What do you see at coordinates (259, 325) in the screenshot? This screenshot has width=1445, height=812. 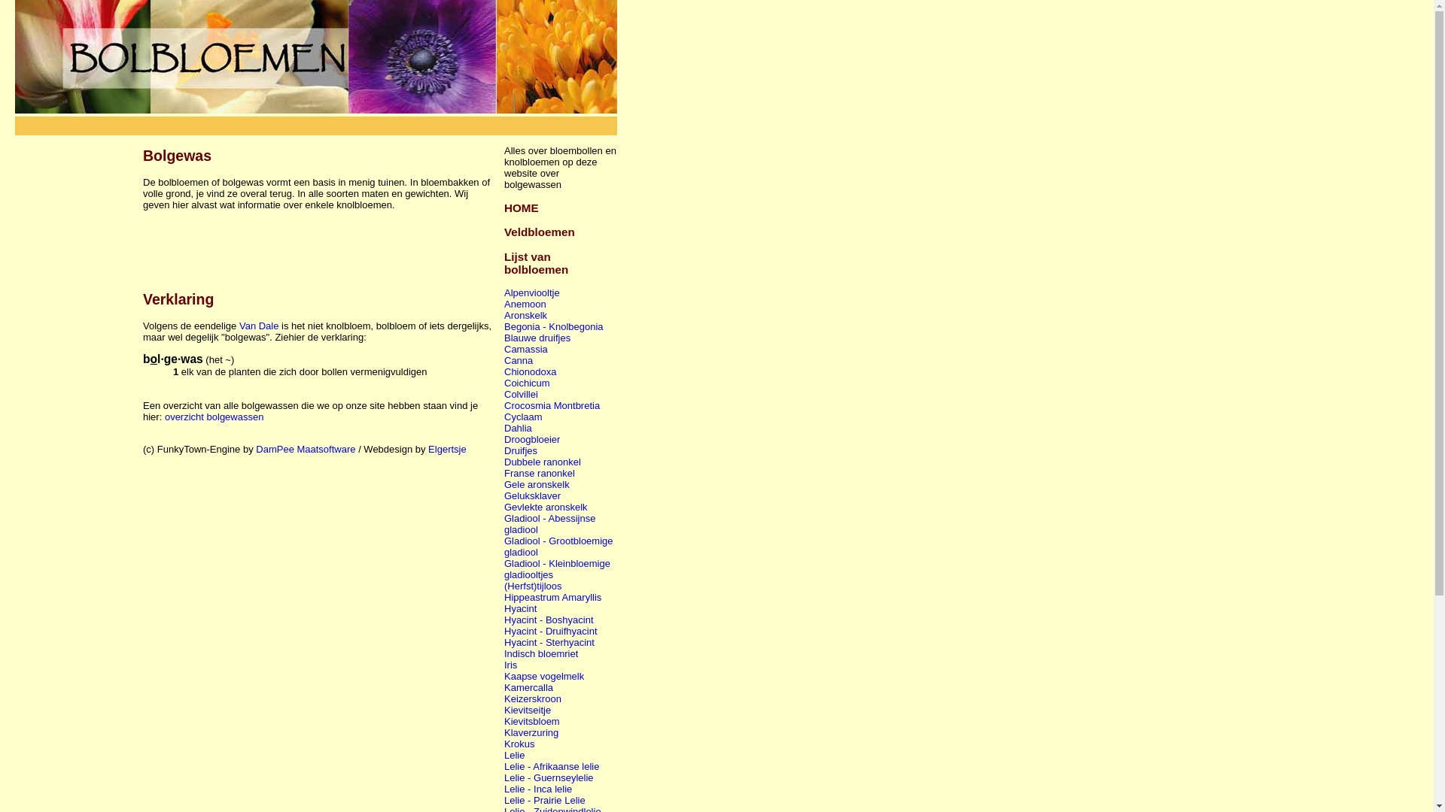 I see `'Van Dale'` at bounding box center [259, 325].